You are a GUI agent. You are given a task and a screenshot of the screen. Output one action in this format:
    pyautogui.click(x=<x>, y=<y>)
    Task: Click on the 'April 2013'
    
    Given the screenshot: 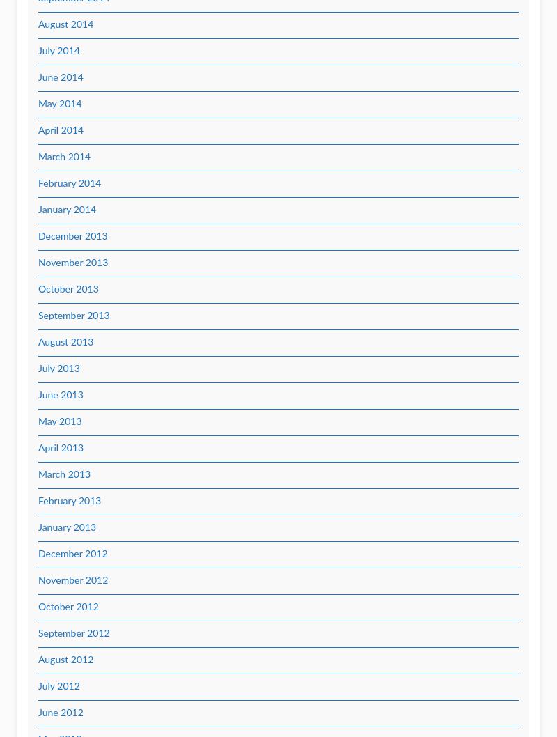 What is the action you would take?
    pyautogui.click(x=61, y=448)
    